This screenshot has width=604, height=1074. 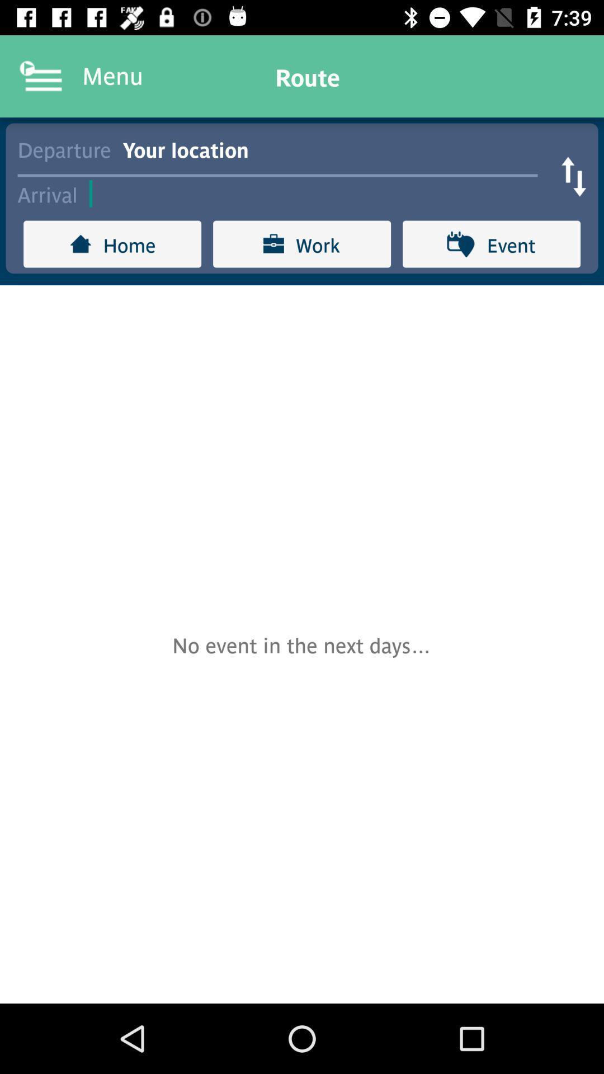 I want to click on the icon next to the departure icon, so click(x=336, y=148).